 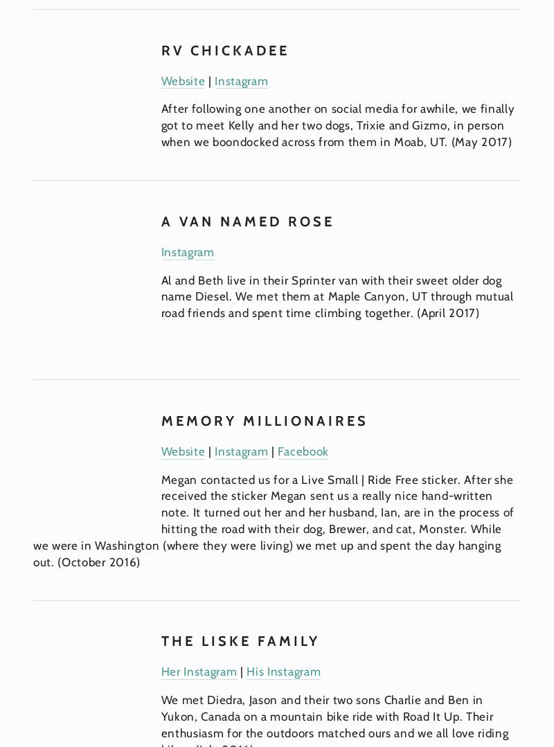 I want to click on 'RV Chickadee', so click(x=160, y=48).